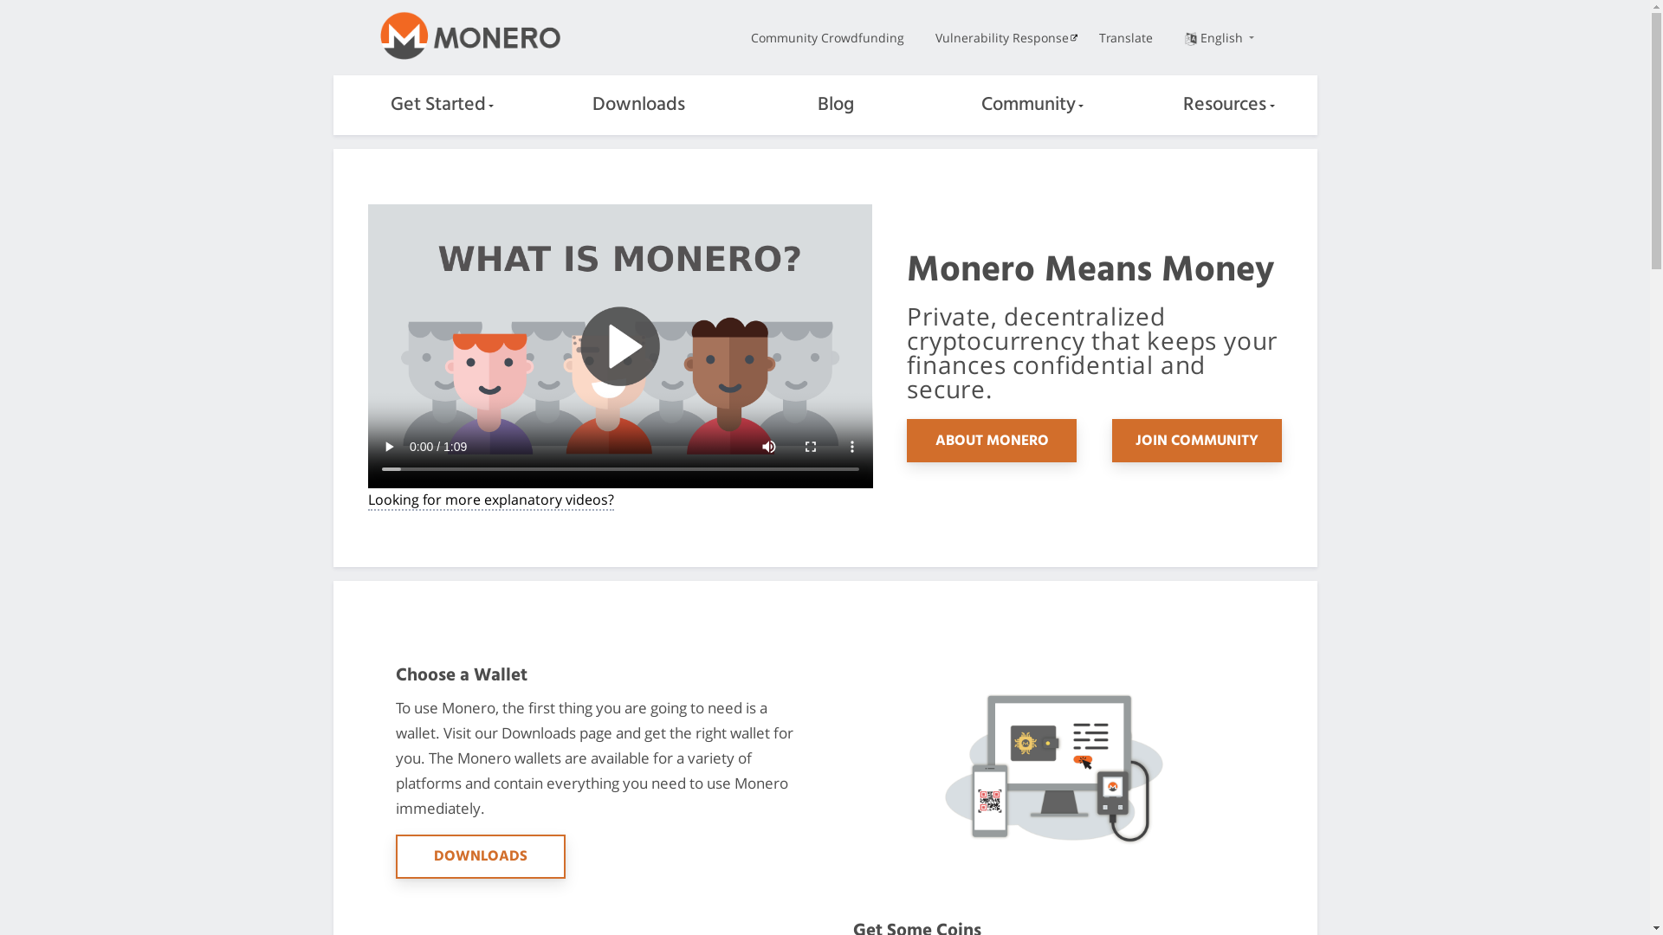 The width and height of the screenshot is (1663, 935). What do you see at coordinates (1126, 37) in the screenshot?
I see `'Translate'` at bounding box center [1126, 37].